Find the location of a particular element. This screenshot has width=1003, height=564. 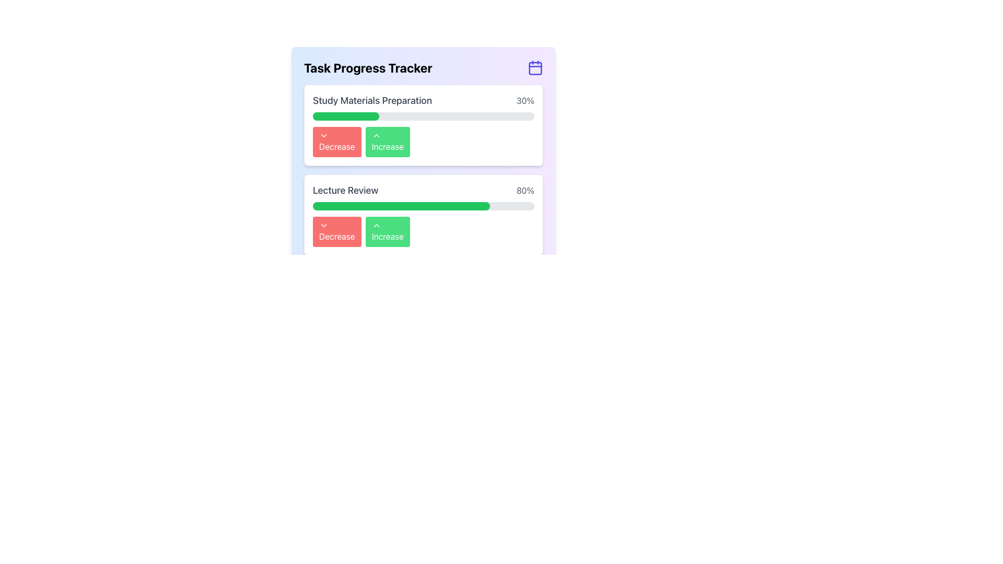

the SVG Icon of the downward-pointing chevron located within the 'Decrease' button of the 'Study Materials Preparation' progress tracker is located at coordinates (323, 135).